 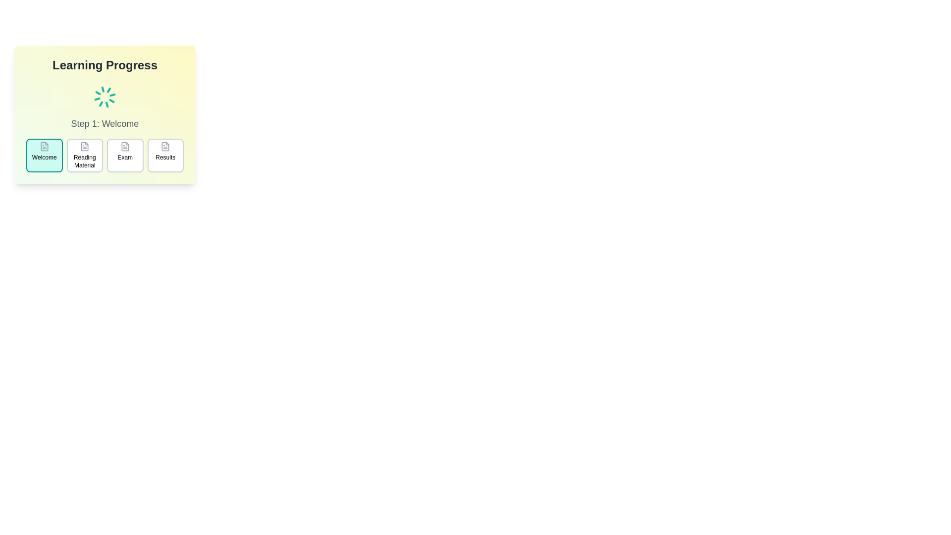 What do you see at coordinates (124, 155) in the screenshot?
I see `the 'Exam' button with a document icon located beneath the 'Step 1: Welcome' heading` at bounding box center [124, 155].